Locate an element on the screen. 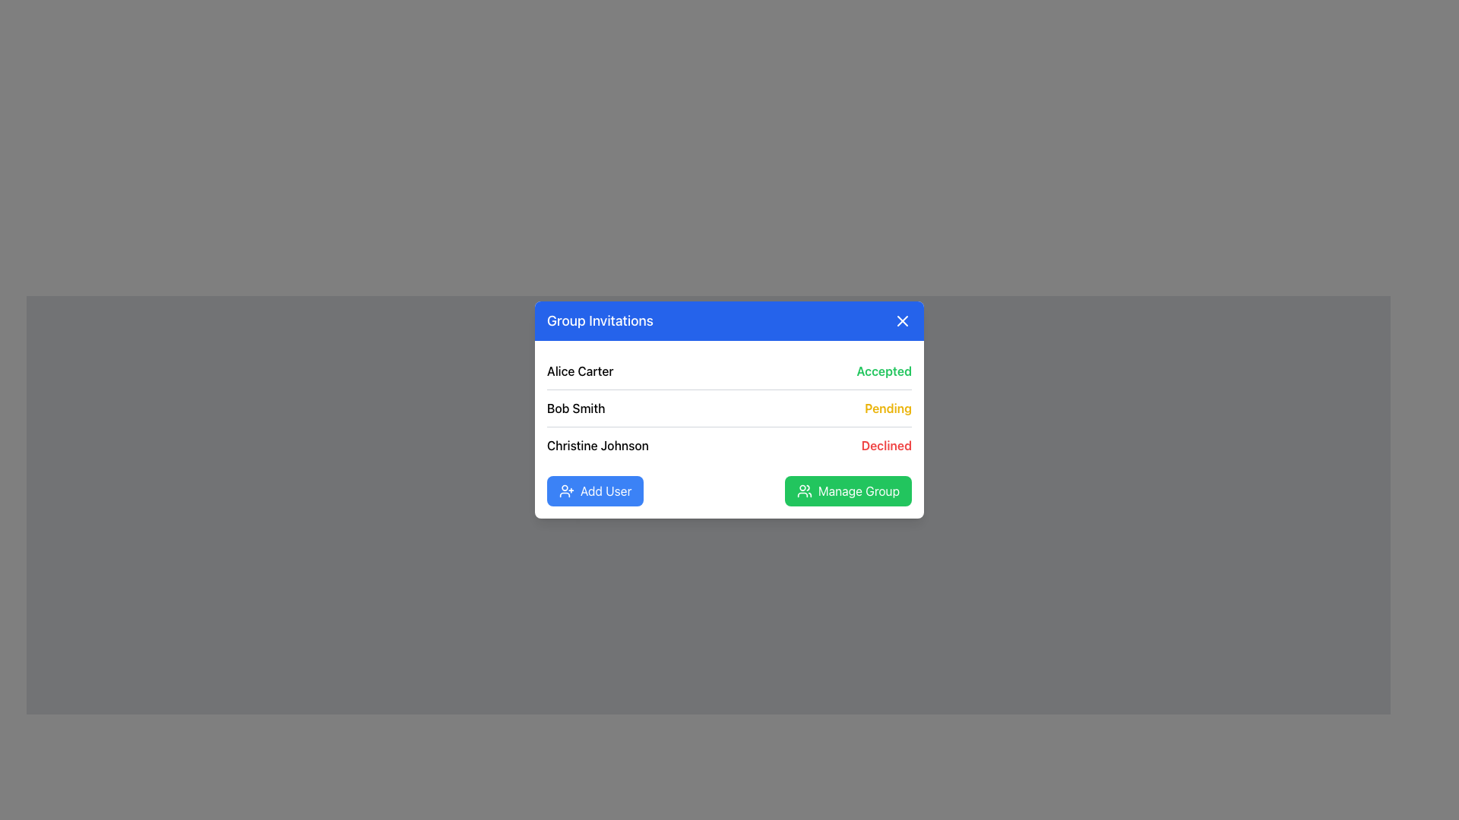  the second row of the user invitation statuses in the 'Group Invitations' card, which displays 'Bob Smith' with the status 'Pending' is located at coordinates (729, 407).